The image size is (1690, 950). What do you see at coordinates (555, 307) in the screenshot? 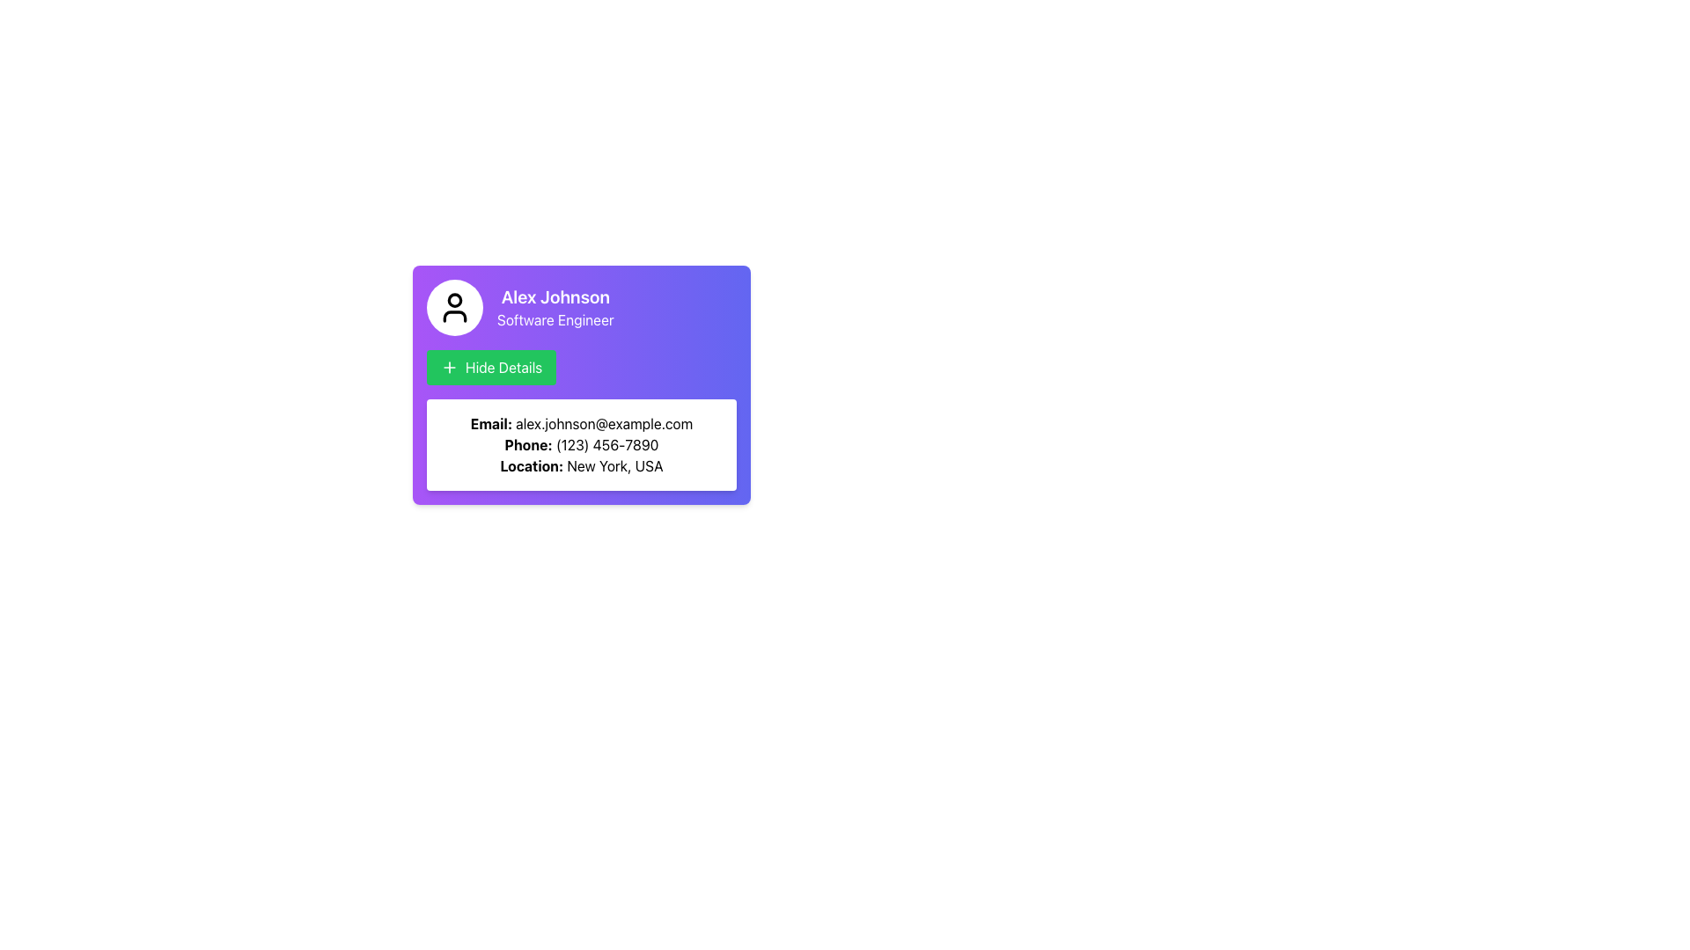
I see `the Text Block displaying the name and job title of the individual on the profile card, located within a purple panel to the right of the circular avatar icon and above the green button labeled 'Hide Details.'` at bounding box center [555, 307].